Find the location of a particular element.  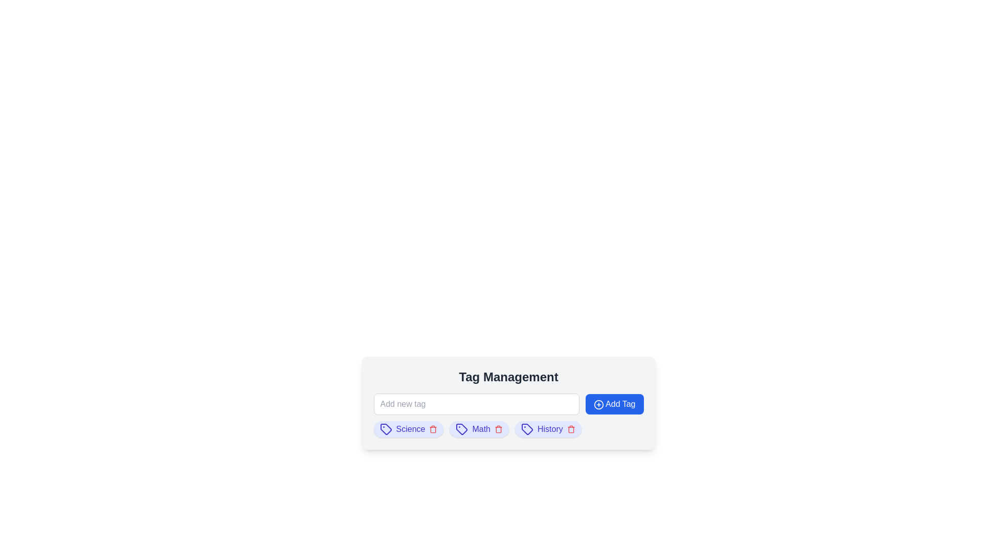

the 'tag' icon representing the 'Math' category, located within the 'Tag Management' section is located at coordinates (461, 429).